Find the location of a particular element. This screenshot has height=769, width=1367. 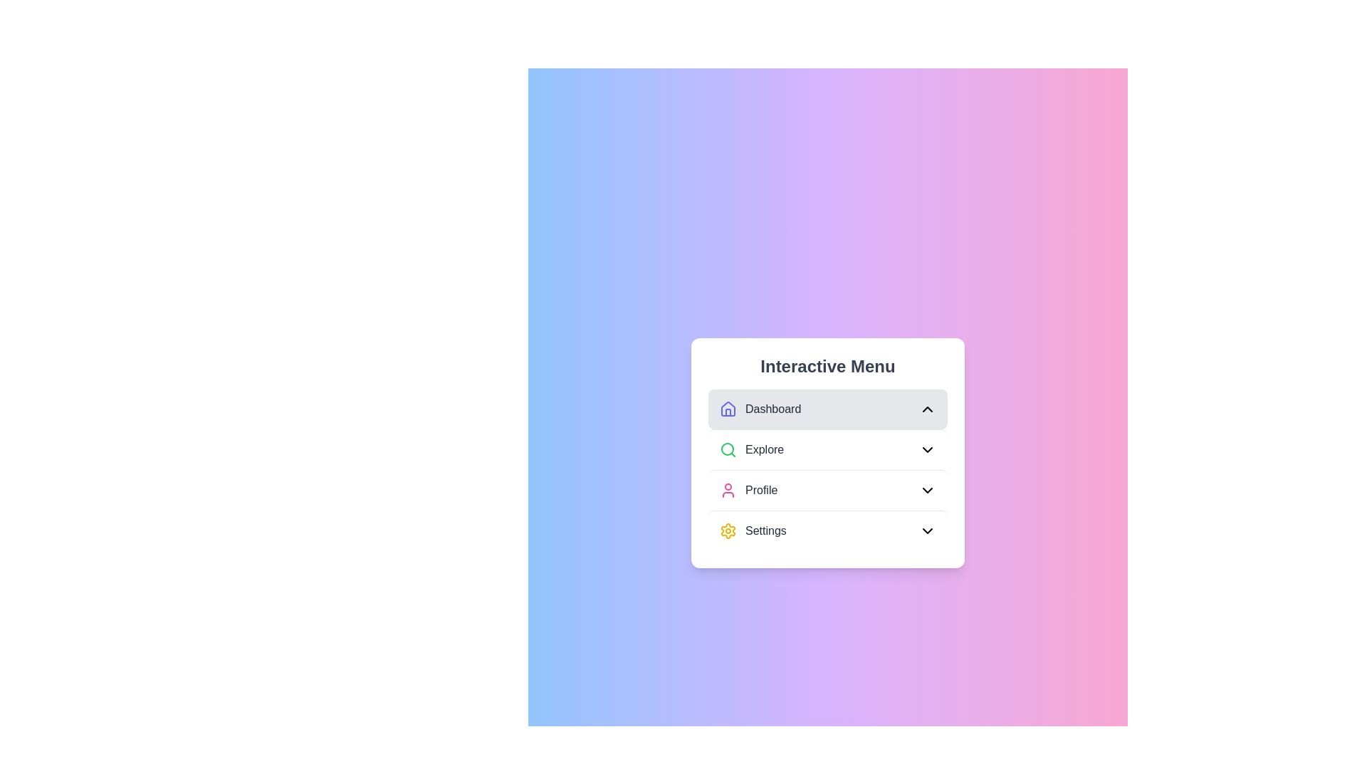

the chevron toggle of the Dashboard menu to toggle its state is located at coordinates (927, 409).